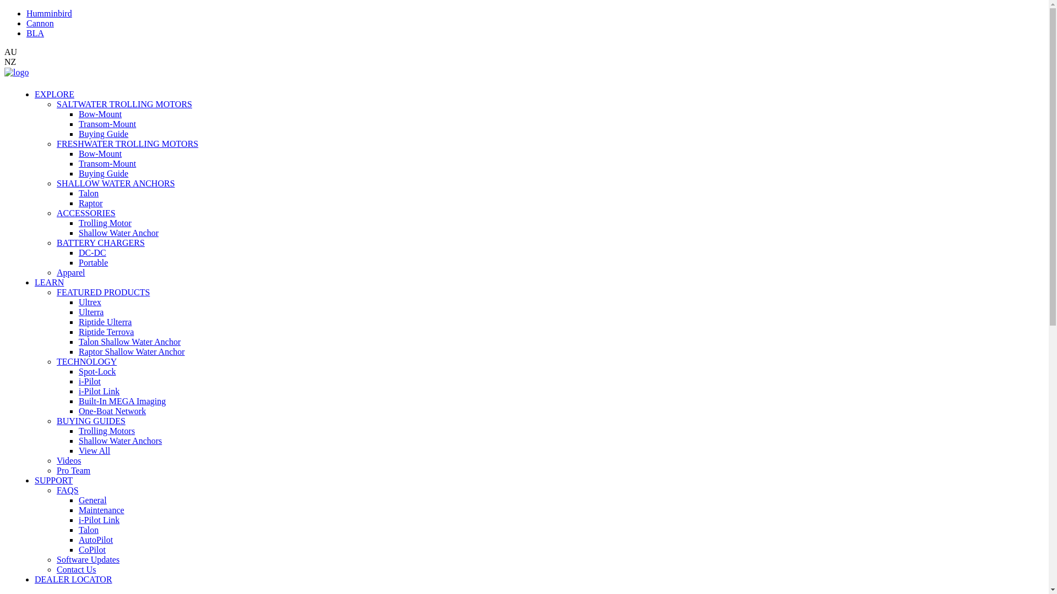 The image size is (1057, 594). What do you see at coordinates (122, 401) in the screenshot?
I see `'Built-In MEGA Imaging'` at bounding box center [122, 401].